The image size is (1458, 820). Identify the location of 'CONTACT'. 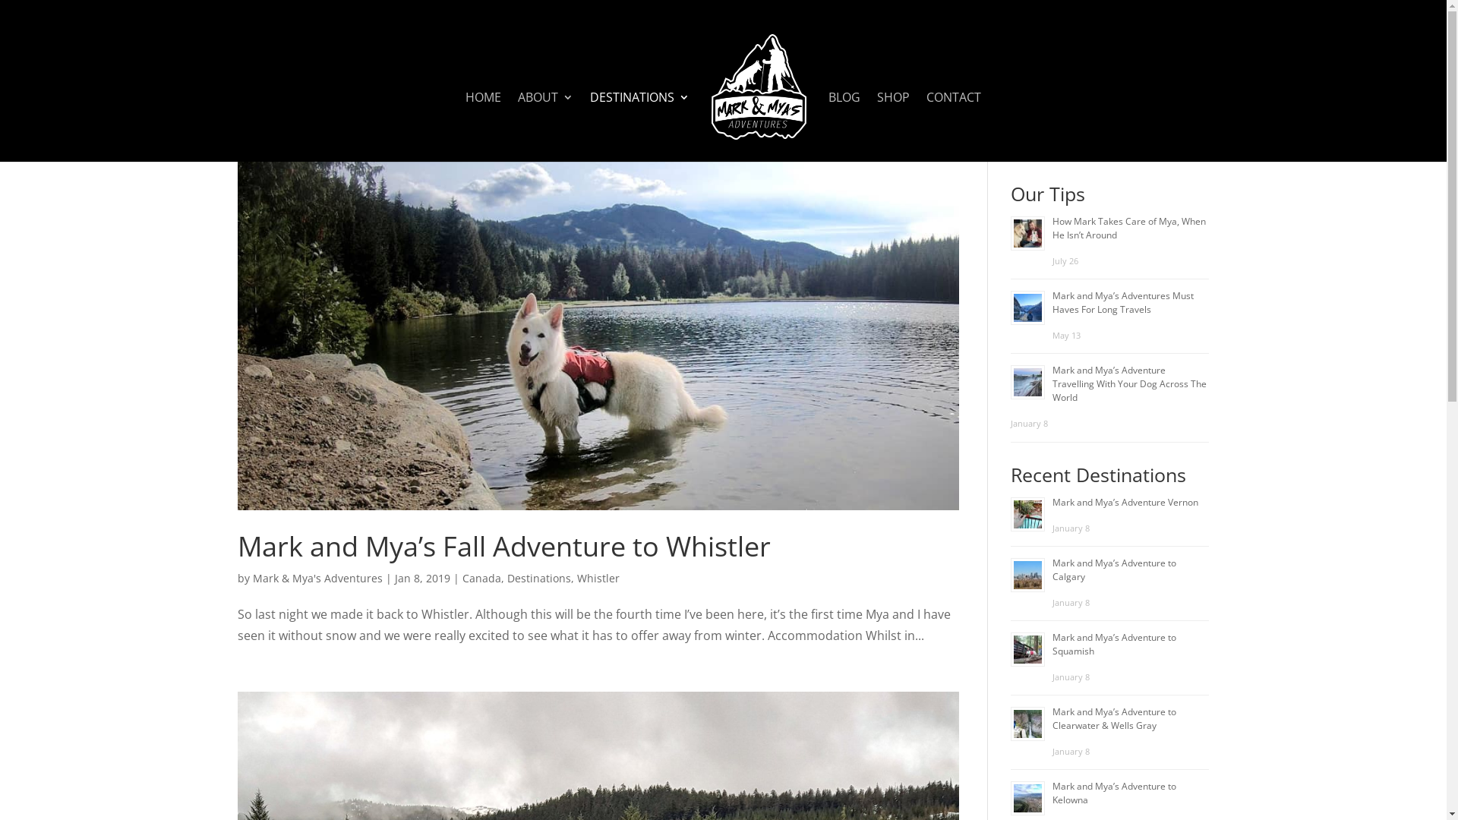
(953, 125).